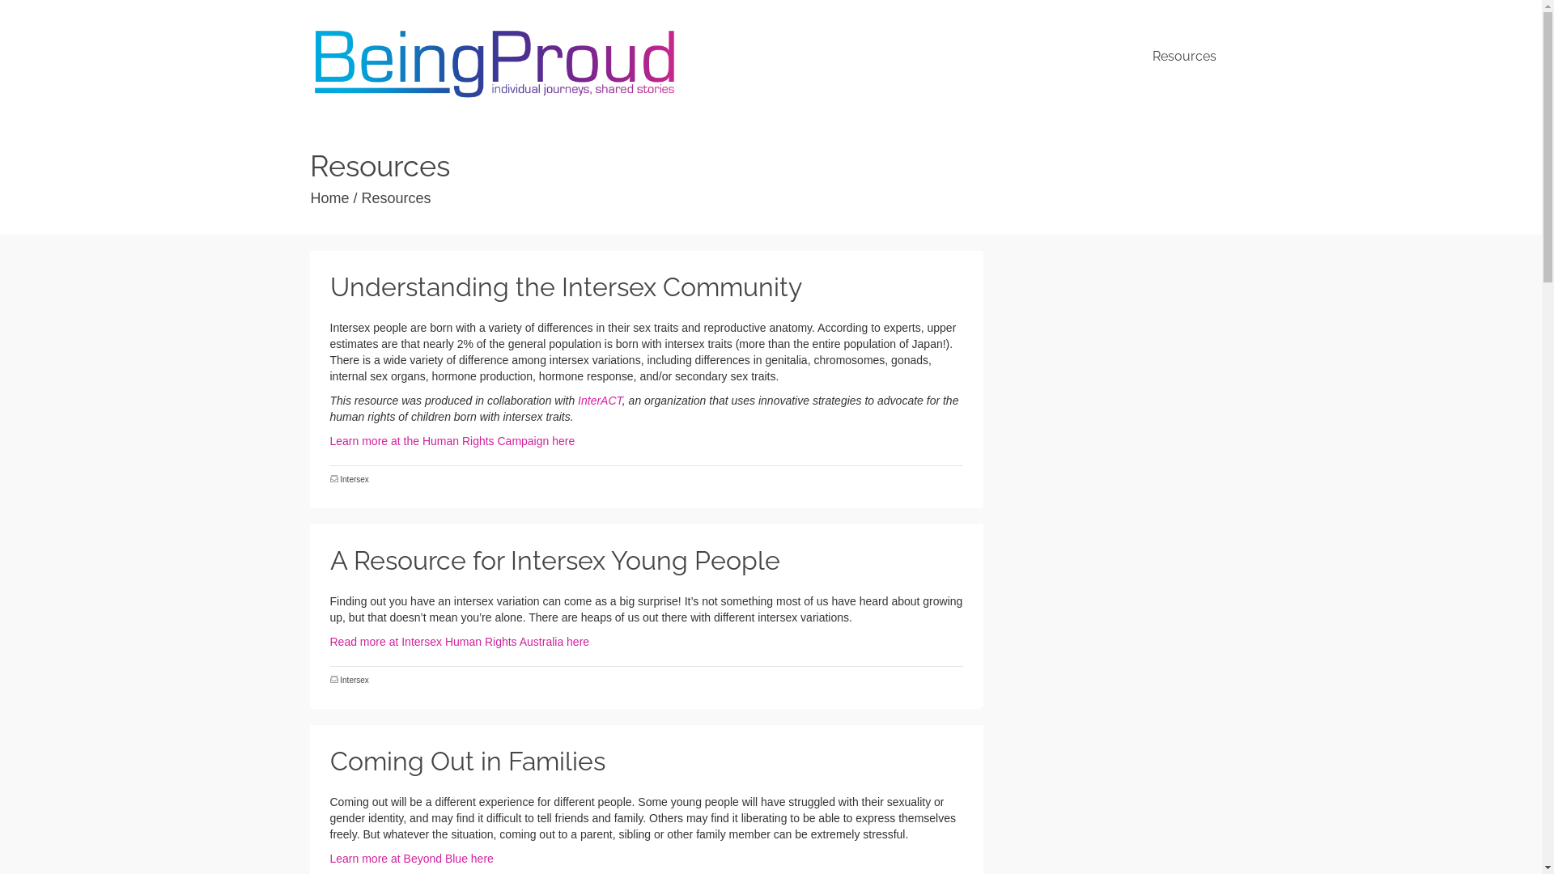  I want to click on 'Home', so click(329, 197).